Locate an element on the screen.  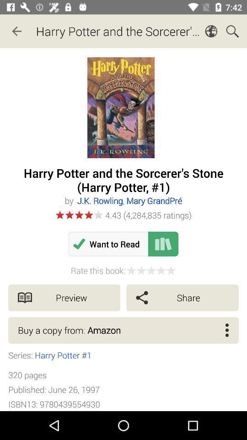
item below the 4 43 4 is located at coordinates (163, 243).